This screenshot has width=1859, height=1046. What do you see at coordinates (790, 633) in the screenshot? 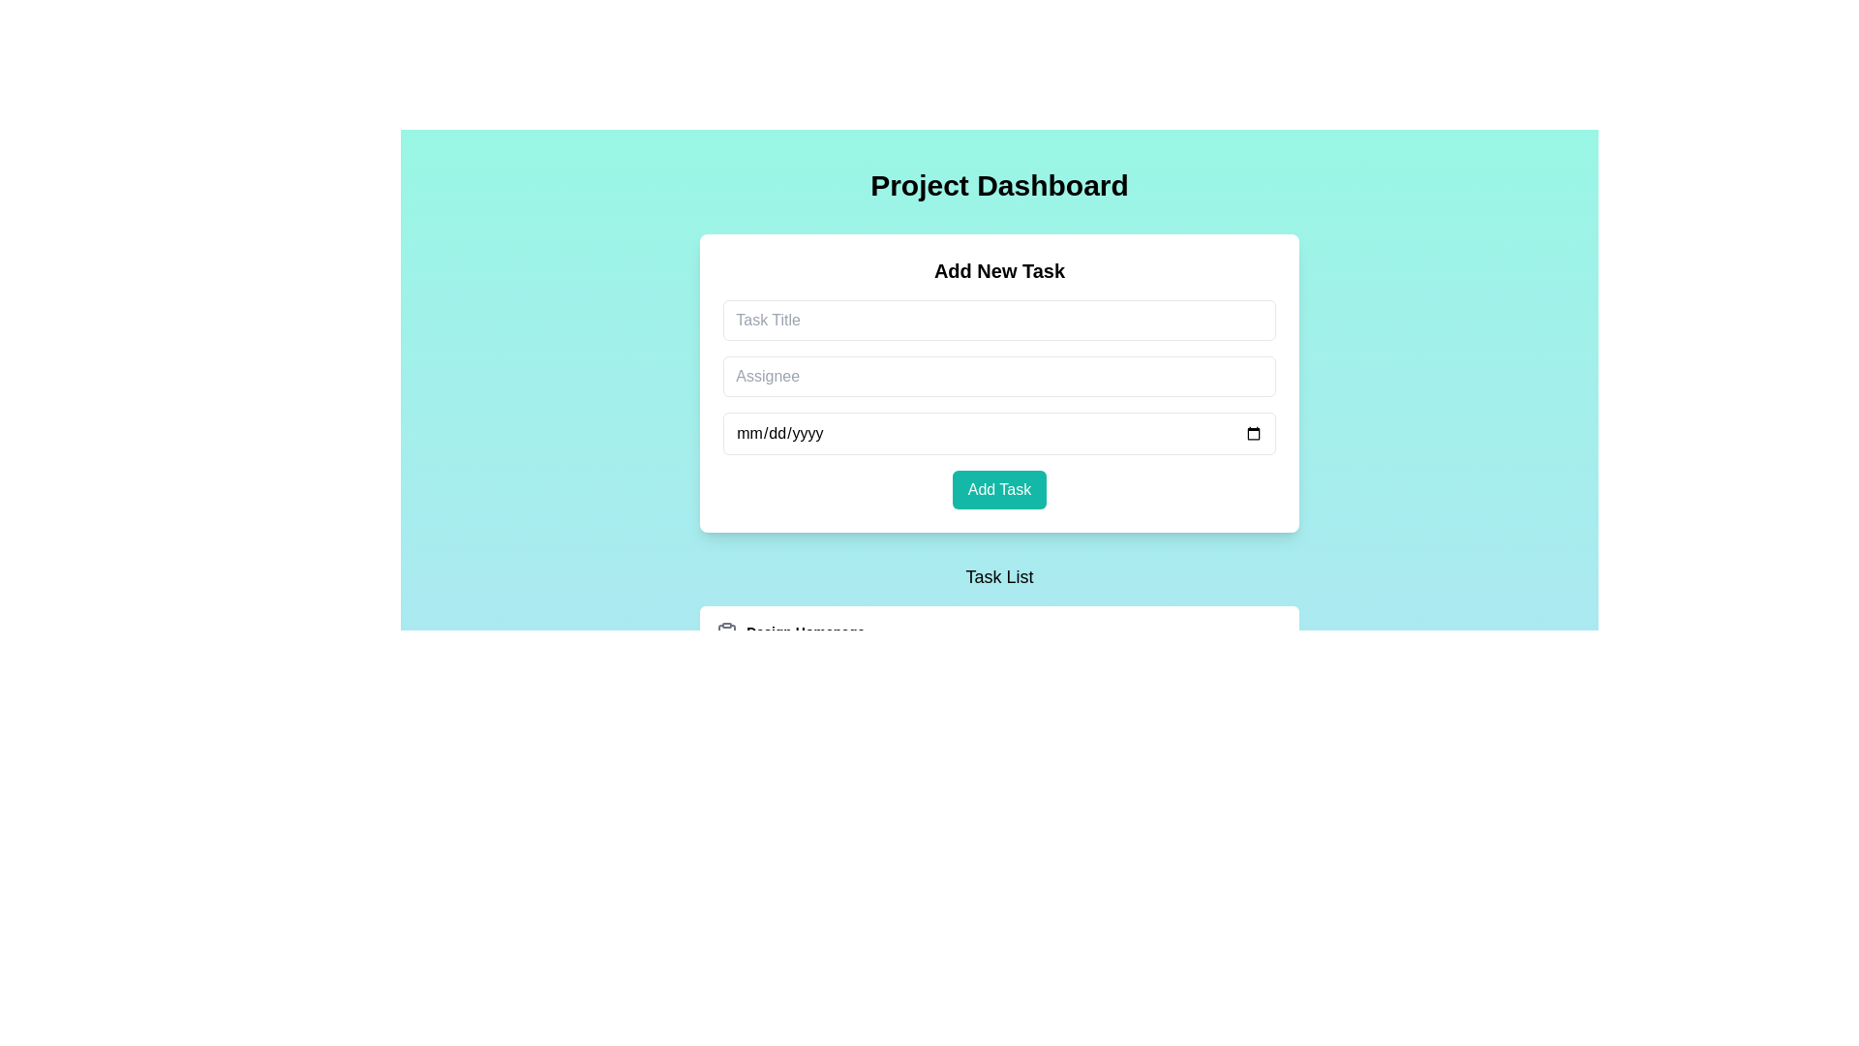
I see `title label of the task located at the uppermost position of the task card within the 'Task List' section` at bounding box center [790, 633].